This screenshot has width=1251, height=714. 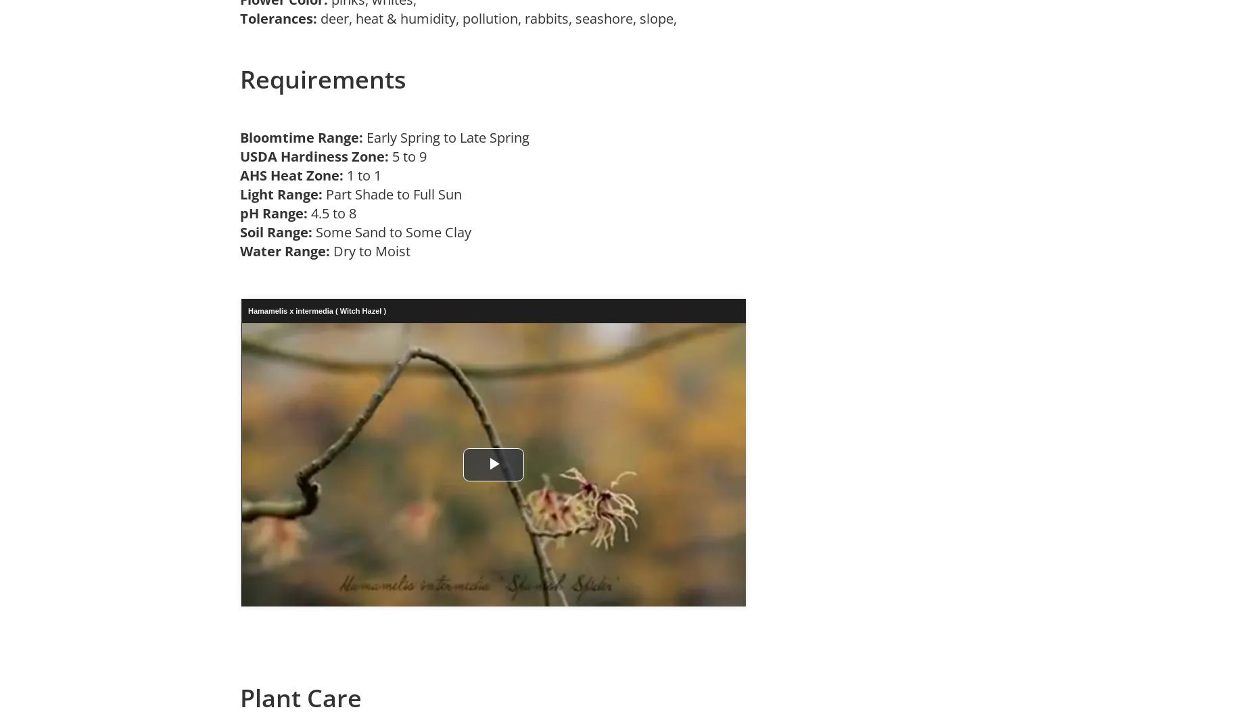 What do you see at coordinates (239, 212) in the screenshot?
I see `'pH Range:'` at bounding box center [239, 212].